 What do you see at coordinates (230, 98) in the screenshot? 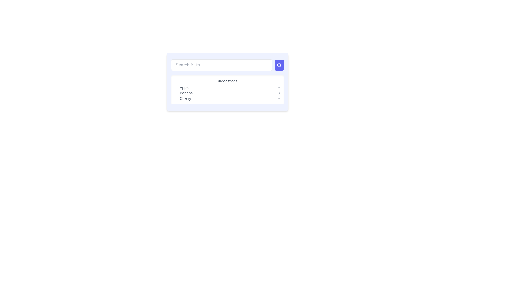
I see `the non-interactive list item displaying the option 'Cherry' in the suggestion dropdown menu` at bounding box center [230, 98].